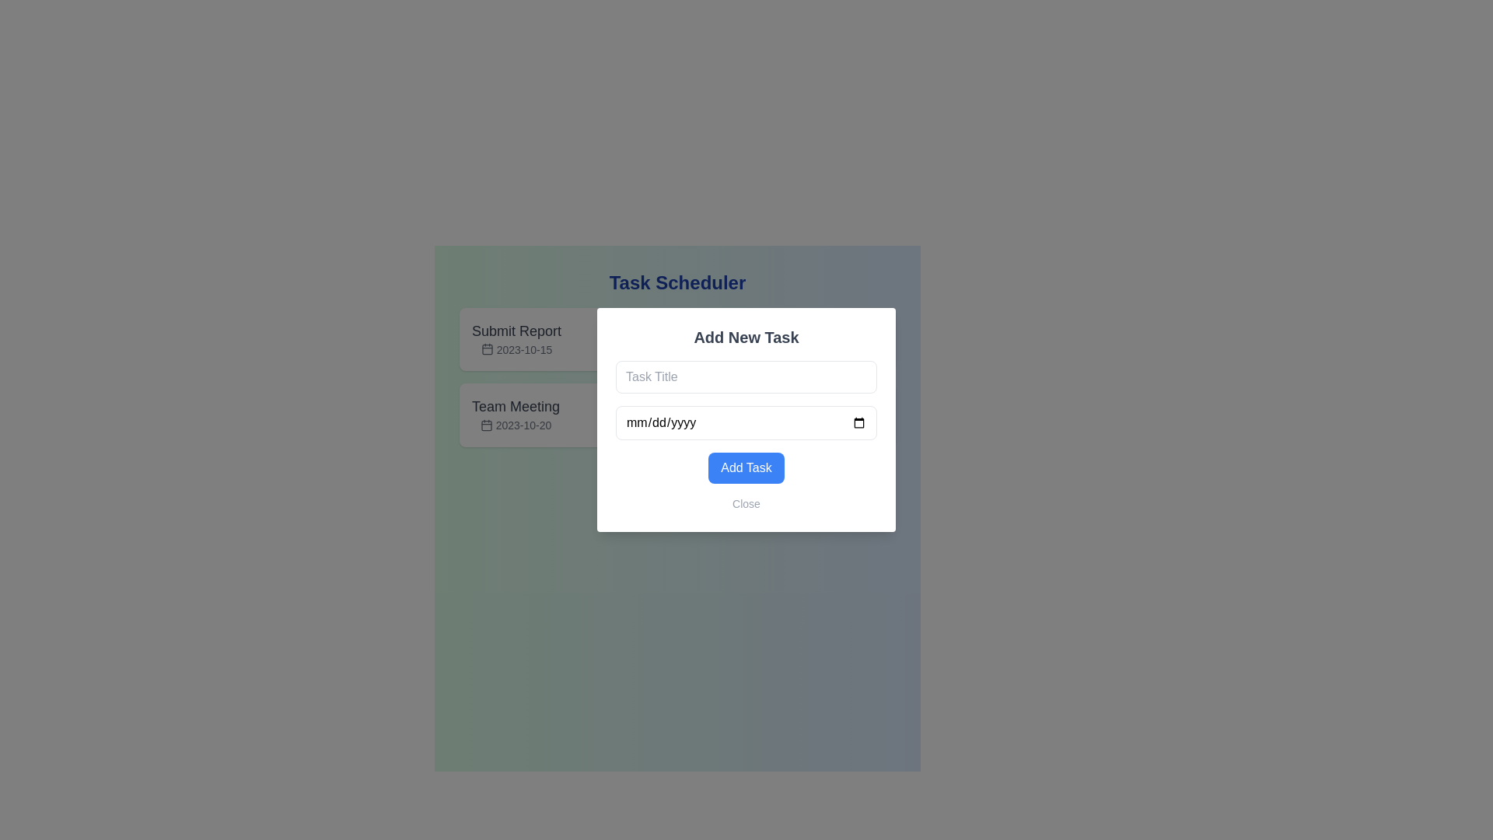 This screenshot has height=840, width=1493. I want to click on the static text element displaying 'Team Meeting' in bold, located in the left panel of the 'Task Scheduler' interface, so click(516, 406).